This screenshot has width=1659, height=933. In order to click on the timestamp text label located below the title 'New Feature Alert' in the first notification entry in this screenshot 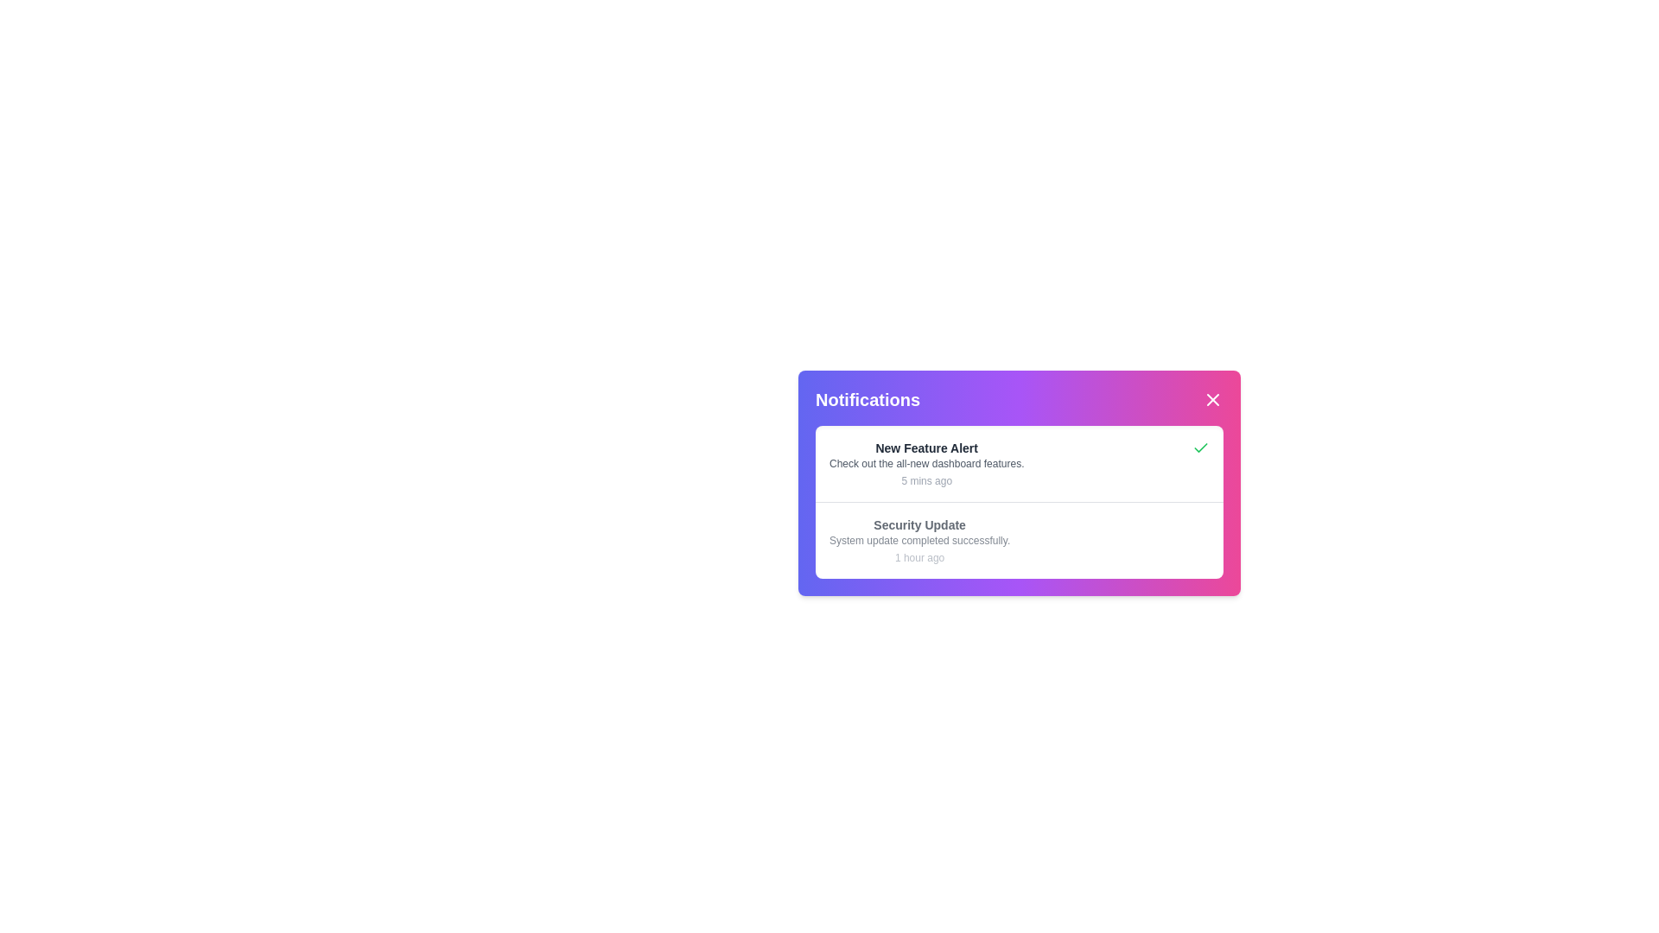, I will do `click(925, 480)`.